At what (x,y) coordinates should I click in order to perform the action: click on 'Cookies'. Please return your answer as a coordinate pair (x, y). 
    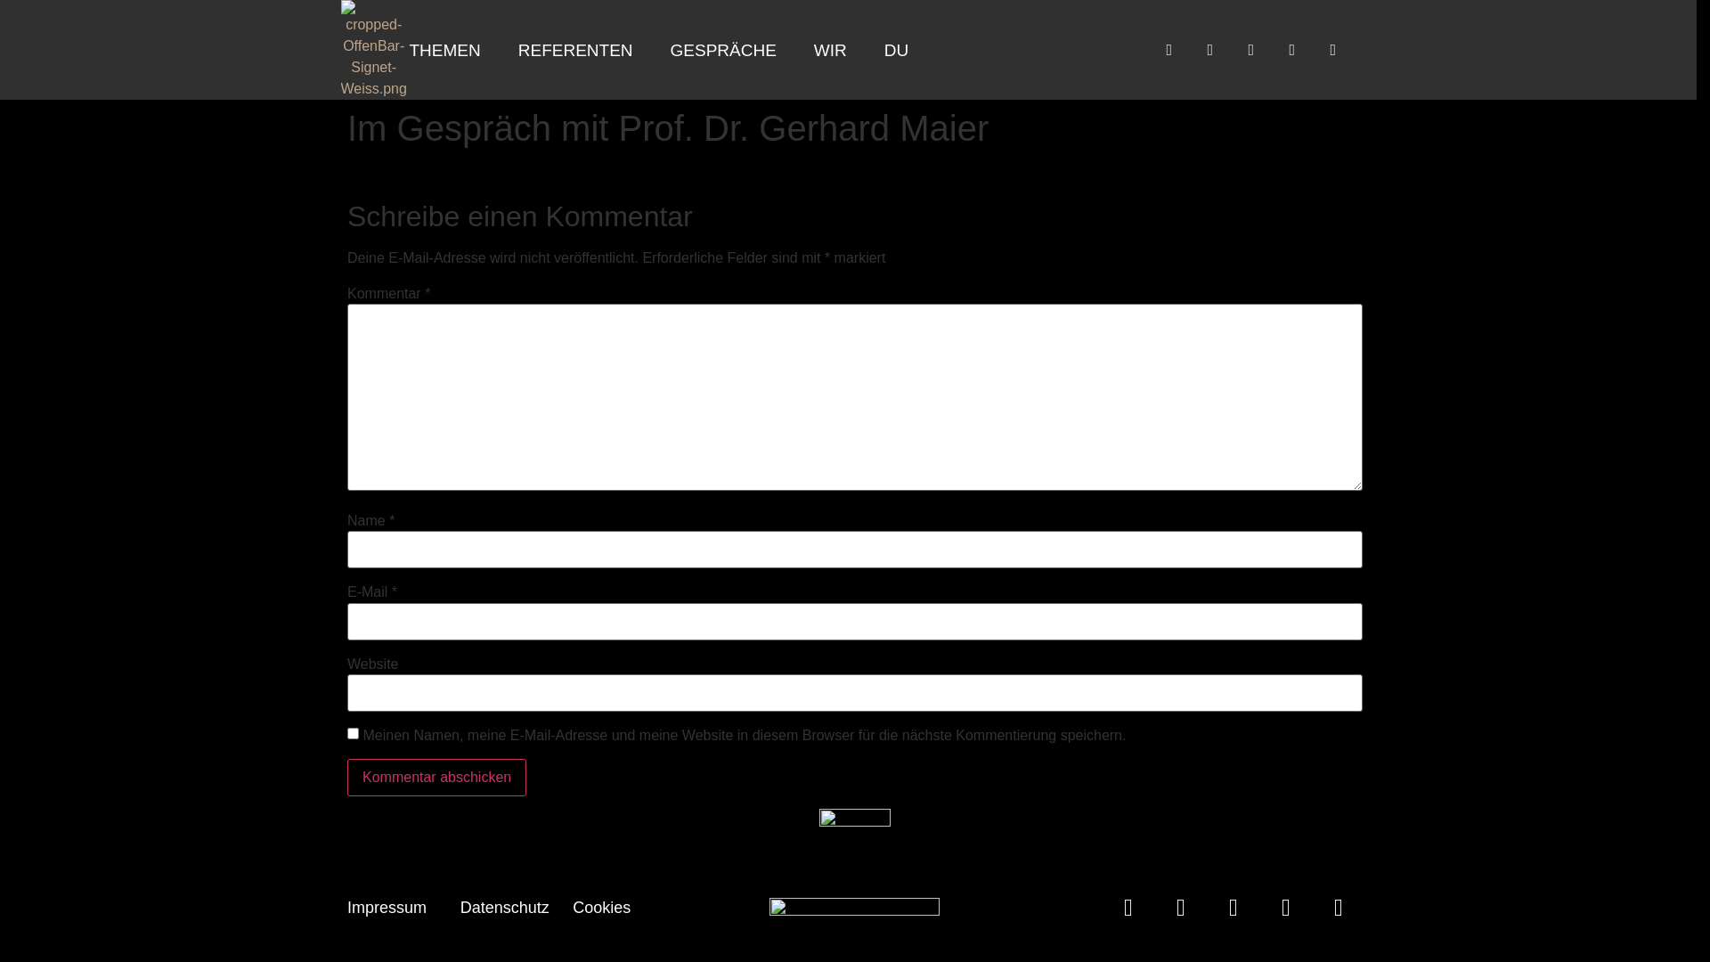
    Looking at the image, I should click on (601, 907).